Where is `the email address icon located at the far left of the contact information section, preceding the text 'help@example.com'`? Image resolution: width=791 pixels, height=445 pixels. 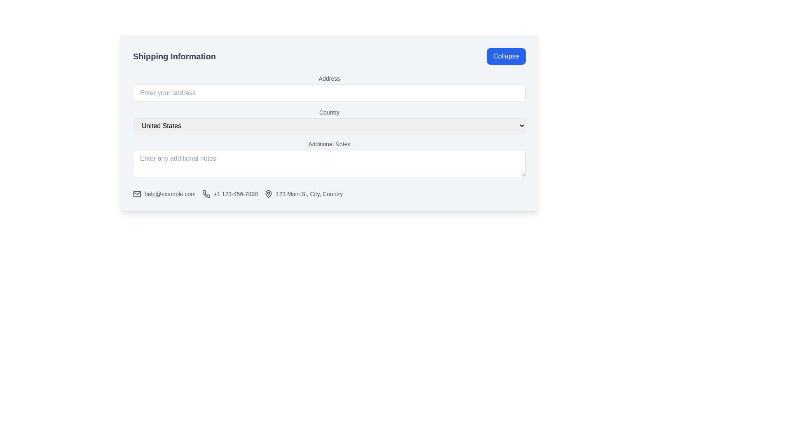 the email address icon located at the far left of the contact information section, preceding the text 'help@example.com' is located at coordinates (137, 194).